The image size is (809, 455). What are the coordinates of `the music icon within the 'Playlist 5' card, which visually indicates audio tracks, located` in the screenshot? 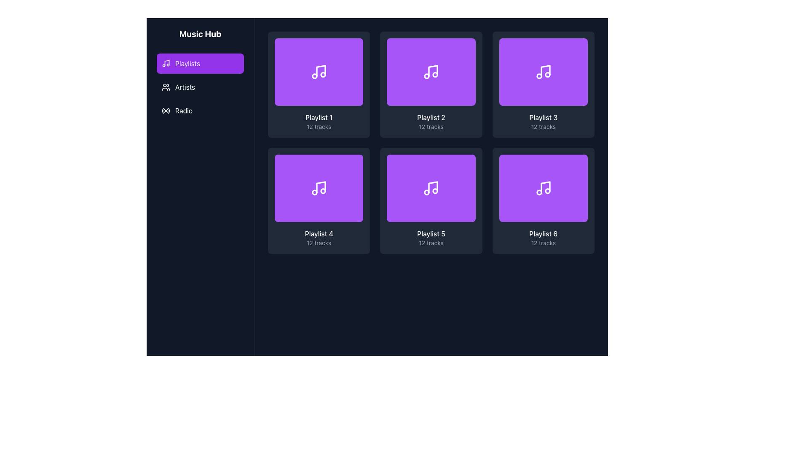 It's located at (431, 188).